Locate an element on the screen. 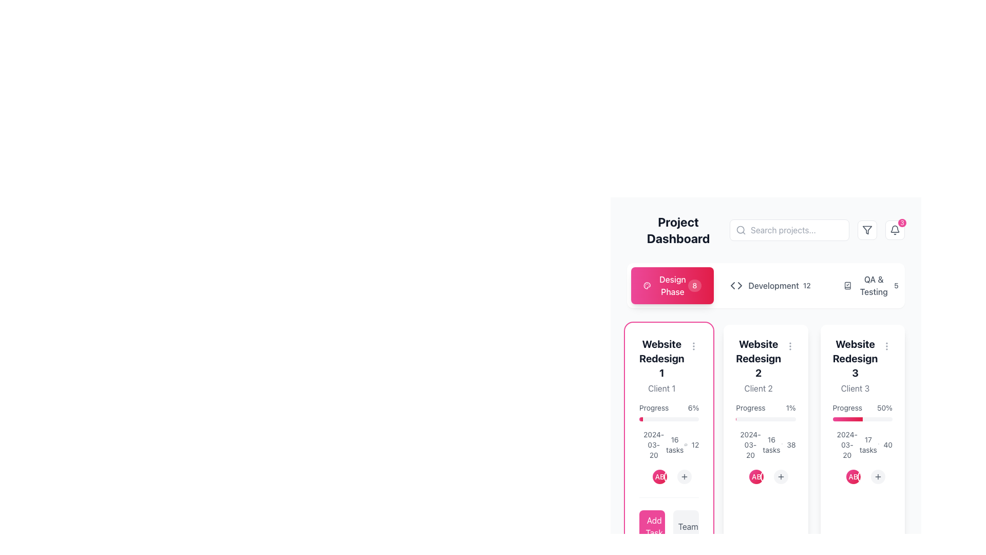 The image size is (986, 555). the Text Label indicating the count of comments or messages, located in the third column of the grid layout under the 'Website Redesign 1' card is located at coordinates (692, 445).